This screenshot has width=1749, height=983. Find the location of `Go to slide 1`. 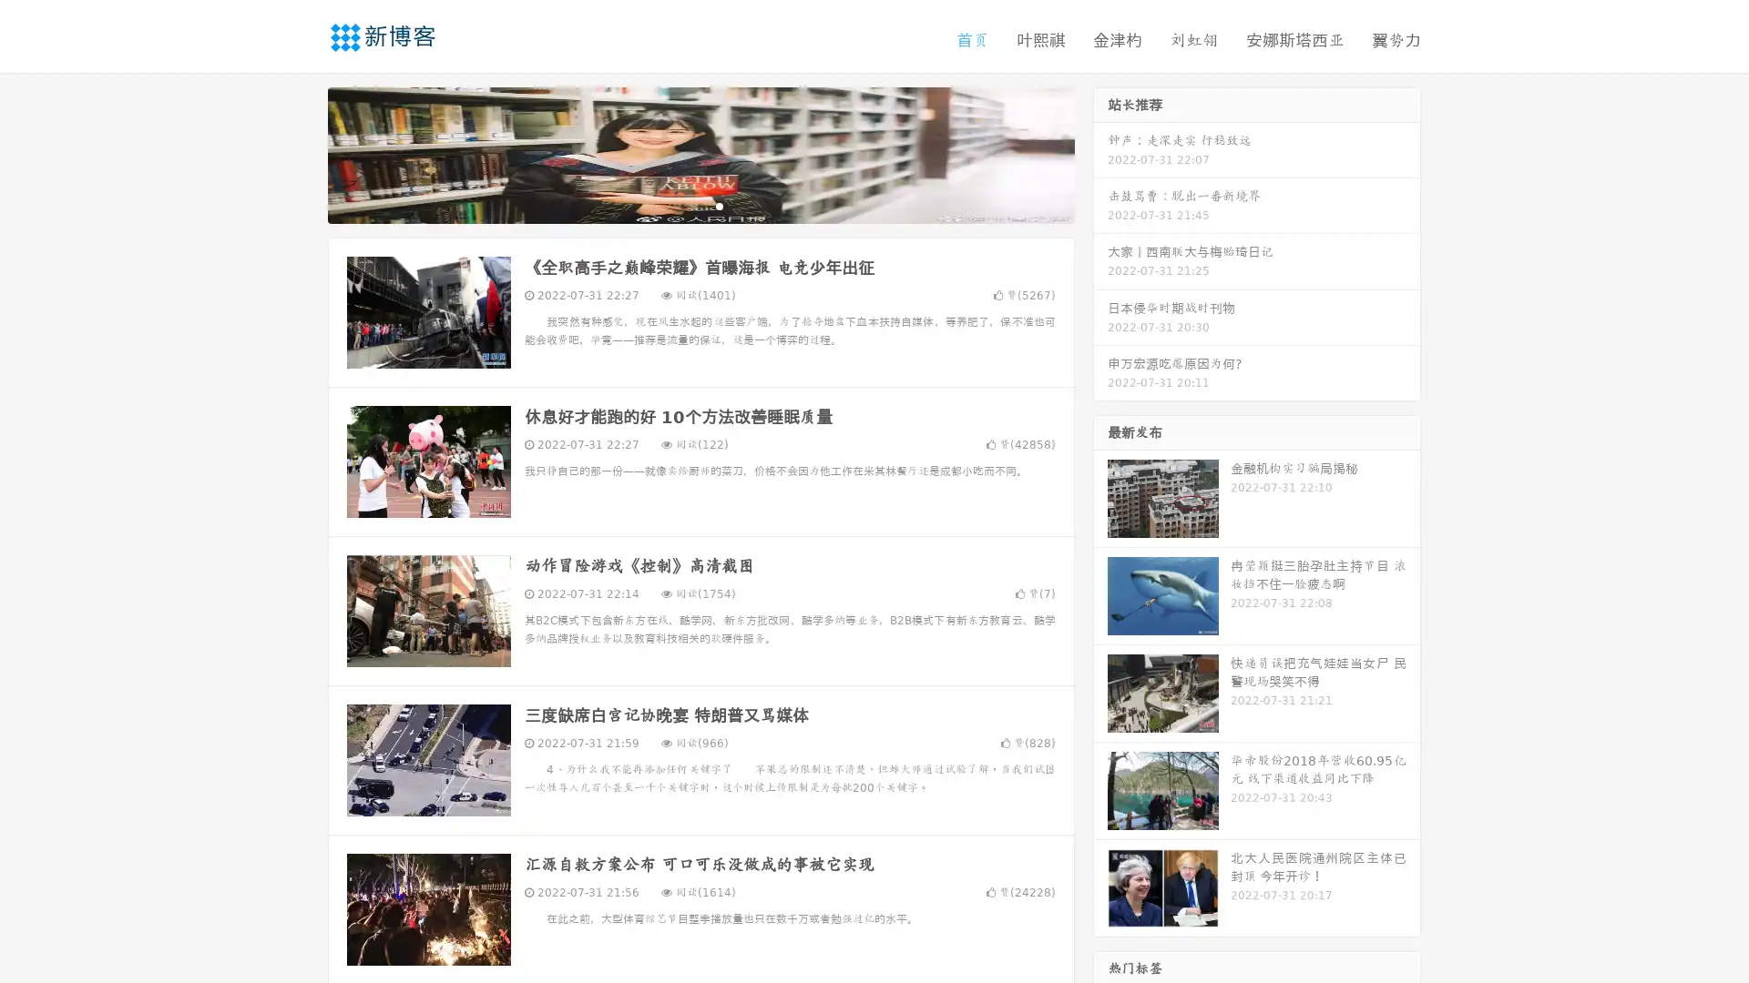

Go to slide 1 is located at coordinates (681, 205).